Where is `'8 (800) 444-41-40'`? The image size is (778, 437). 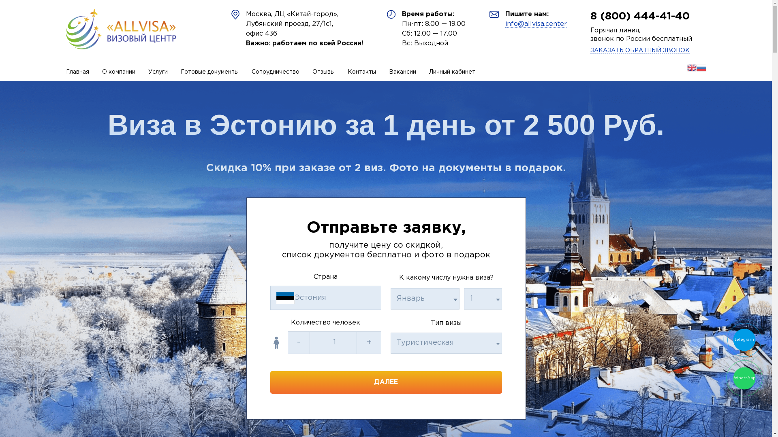 '8 (800) 444-41-40' is located at coordinates (639, 16).